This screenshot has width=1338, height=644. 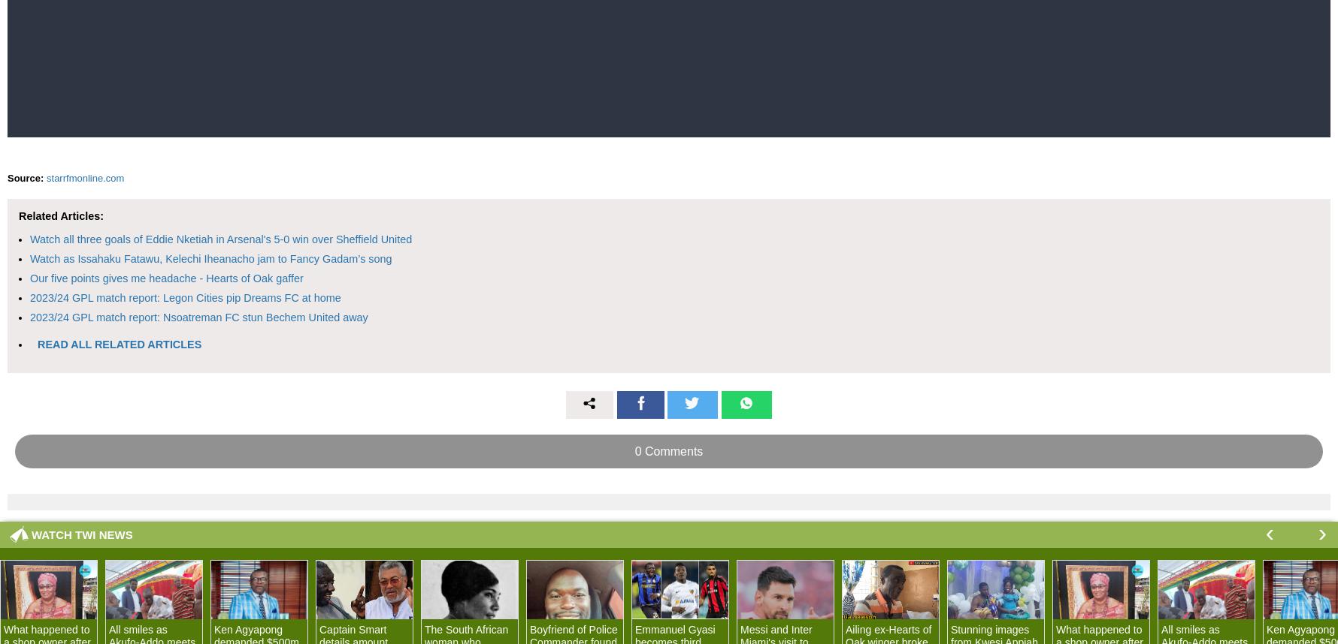 What do you see at coordinates (80, 534) in the screenshot?
I see `'WATCH TWI NEWS'` at bounding box center [80, 534].